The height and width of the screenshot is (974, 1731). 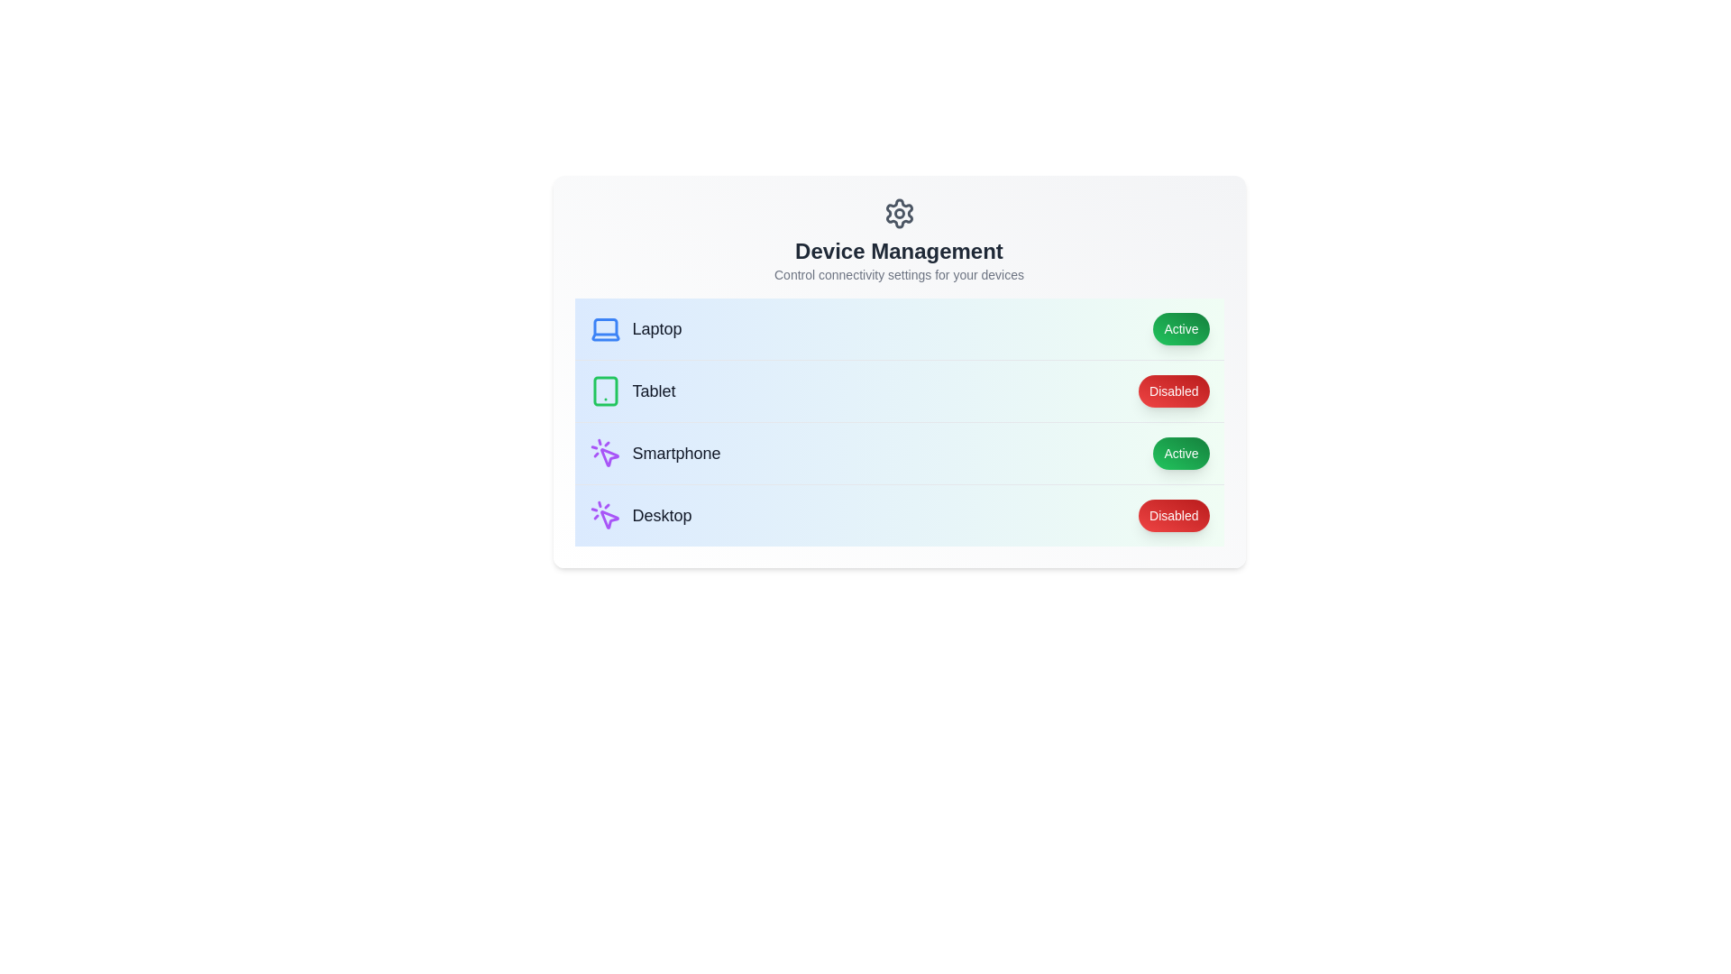 What do you see at coordinates (605, 515) in the screenshot?
I see `the icon representing the Desktop to toggle its state` at bounding box center [605, 515].